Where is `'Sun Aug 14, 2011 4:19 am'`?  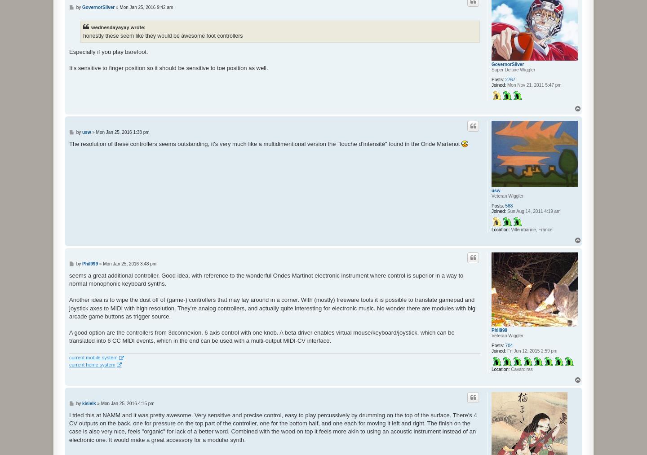
'Sun Aug 14, 2011 4:19 am' is located at coordinates (533, 210).